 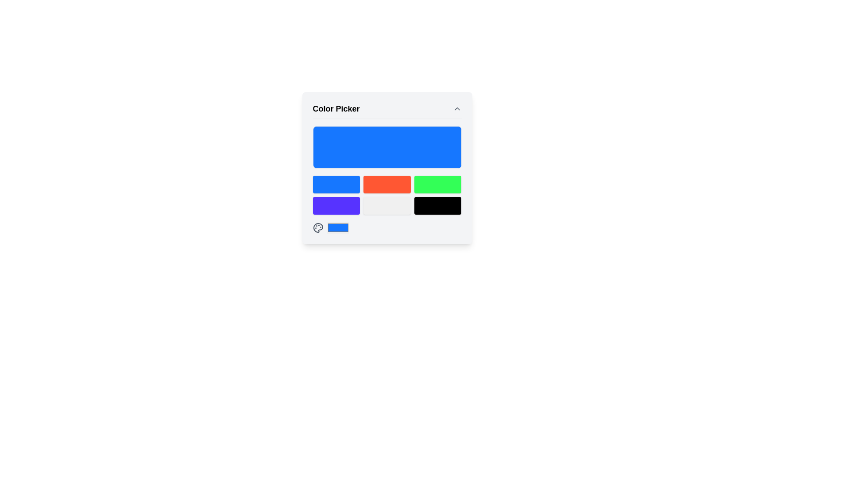 I want to click on the small triangular-shaped icon resembling an upward arrow in the top-right corner of the 'Color Picker' title bar, so click(x=457, y=108).